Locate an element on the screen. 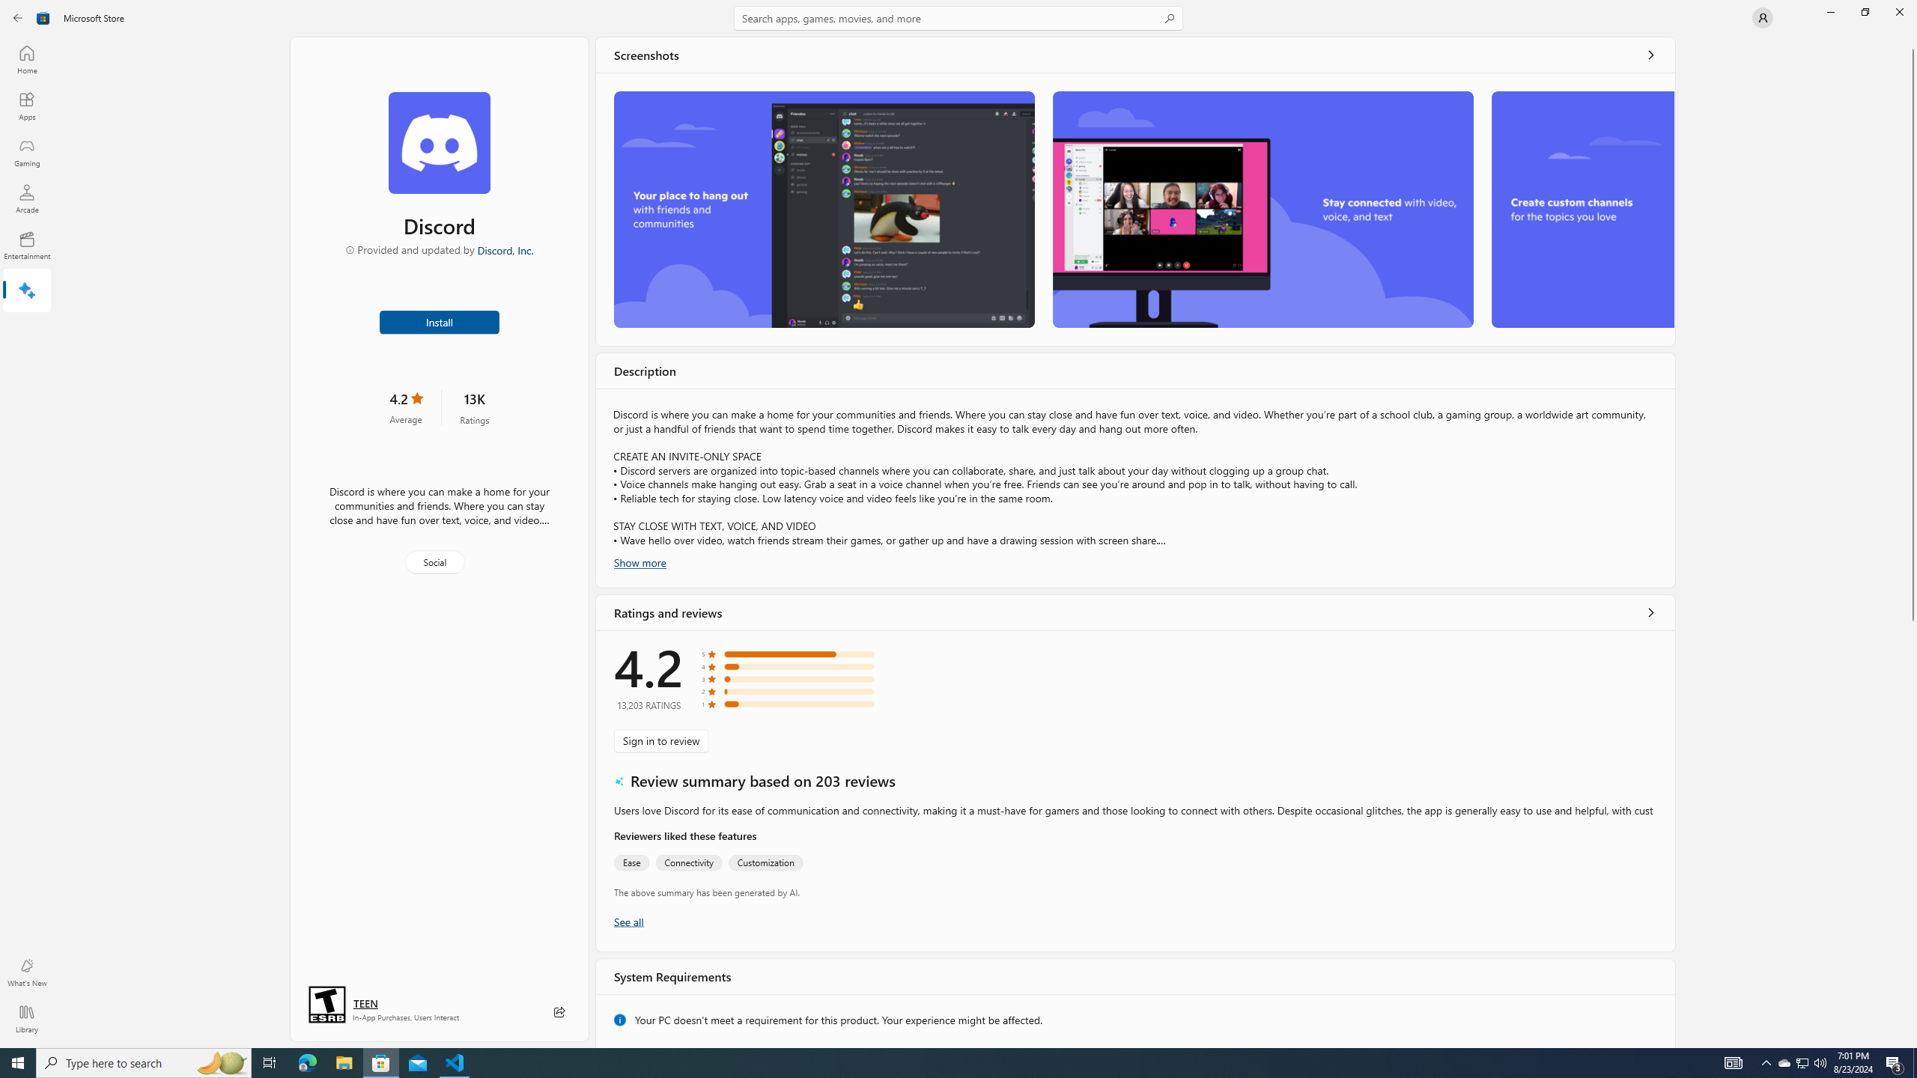 This screenshot has width=1917, height=1078. 'Gaming' is located at coordinates (25, 151).